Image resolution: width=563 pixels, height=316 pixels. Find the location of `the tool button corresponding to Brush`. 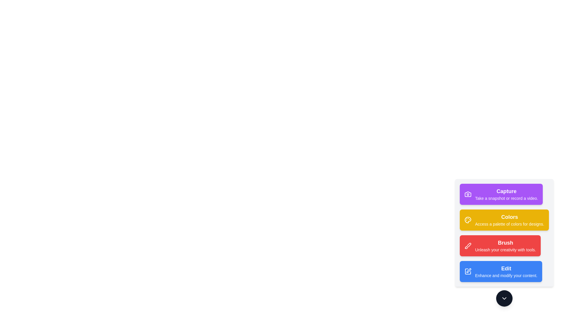

the tool button corresponding to Brush is located at coordinates (500, 246).